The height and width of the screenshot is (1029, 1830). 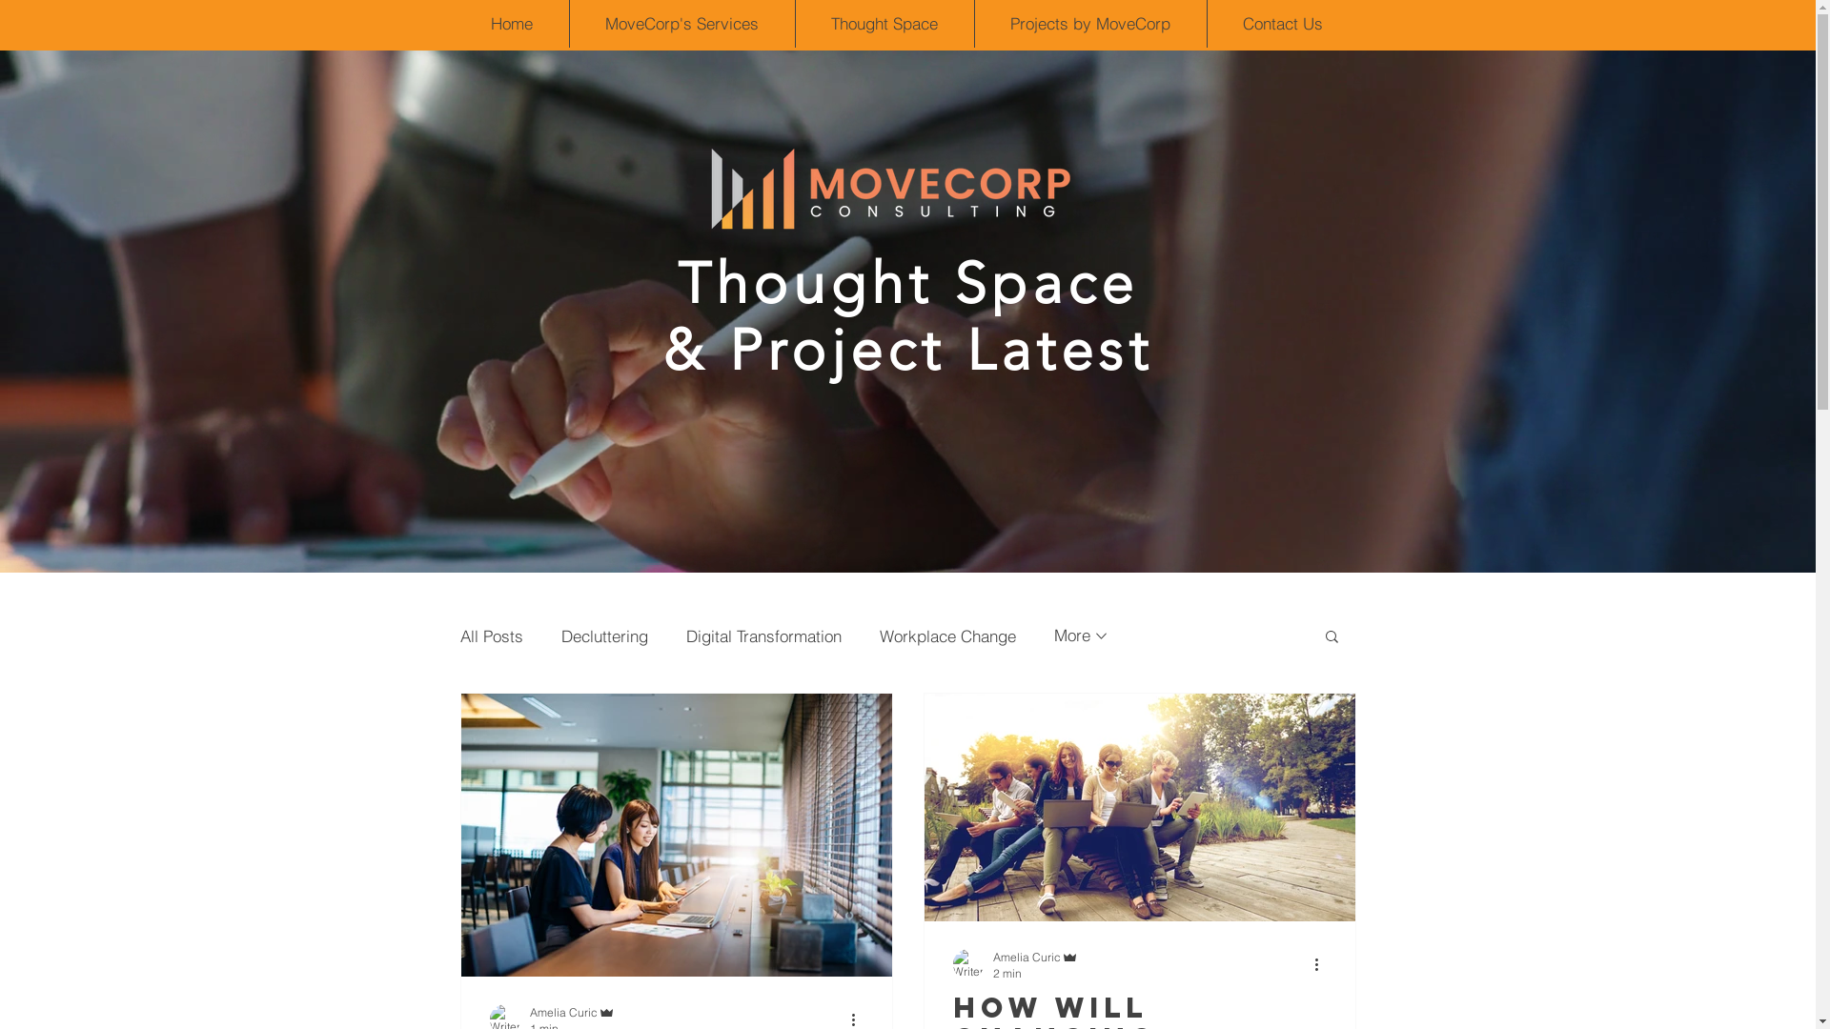 What do you see at coordinates (1089, 23) in the screenshot?
I see `'Projects by MoveCorp'` at bounding box center [1089, 23].